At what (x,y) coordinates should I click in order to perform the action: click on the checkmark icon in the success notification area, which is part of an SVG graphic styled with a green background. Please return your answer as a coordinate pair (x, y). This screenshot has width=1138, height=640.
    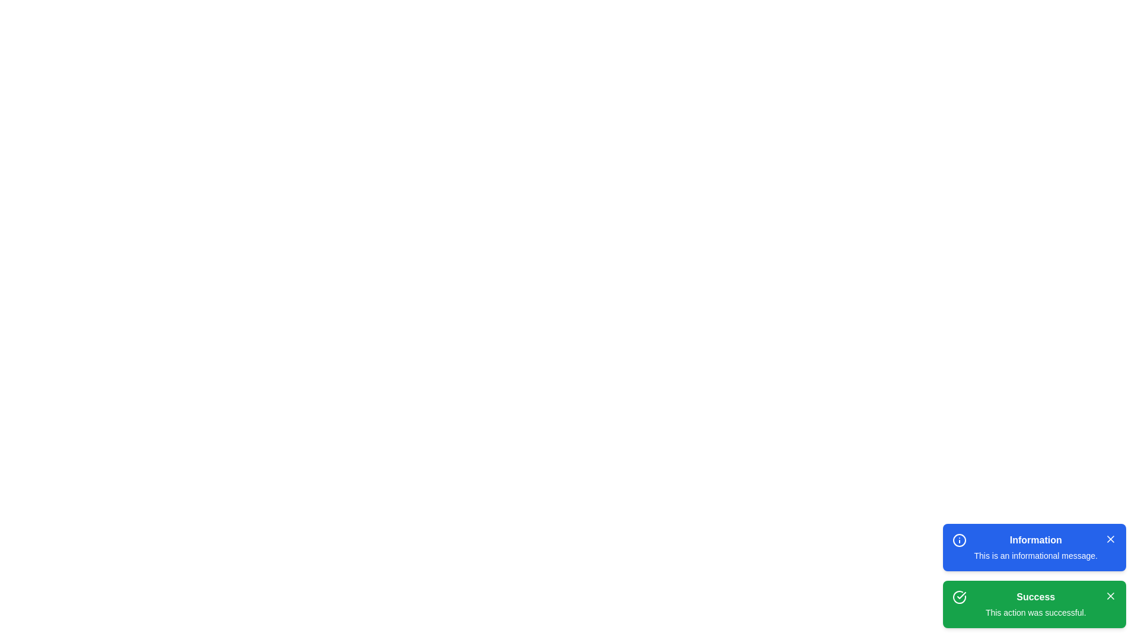
    Looking at the image, I should click on (961, 596).